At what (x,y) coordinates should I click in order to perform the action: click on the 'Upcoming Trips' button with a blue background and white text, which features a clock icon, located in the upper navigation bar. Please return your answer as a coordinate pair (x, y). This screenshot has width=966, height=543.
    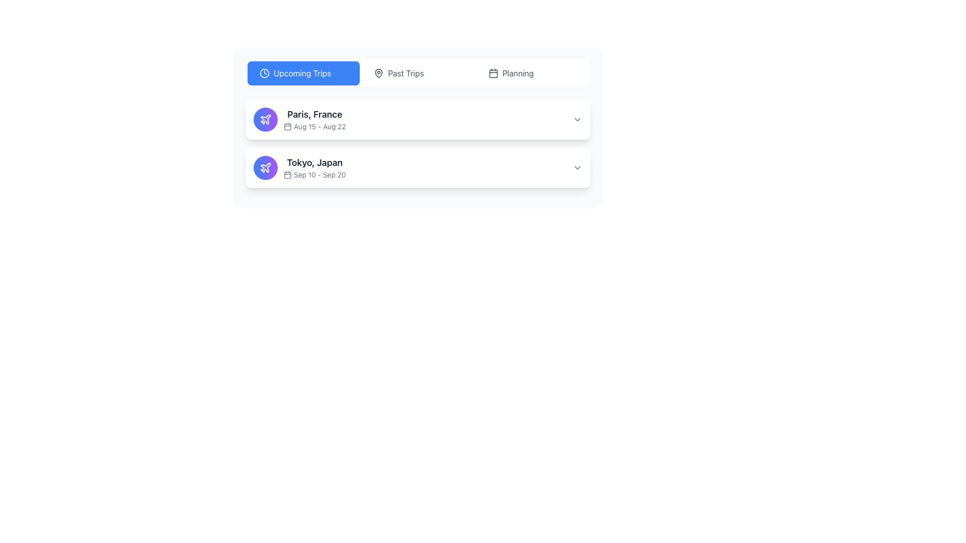
    Looking at the image, I should click on (303, 73).